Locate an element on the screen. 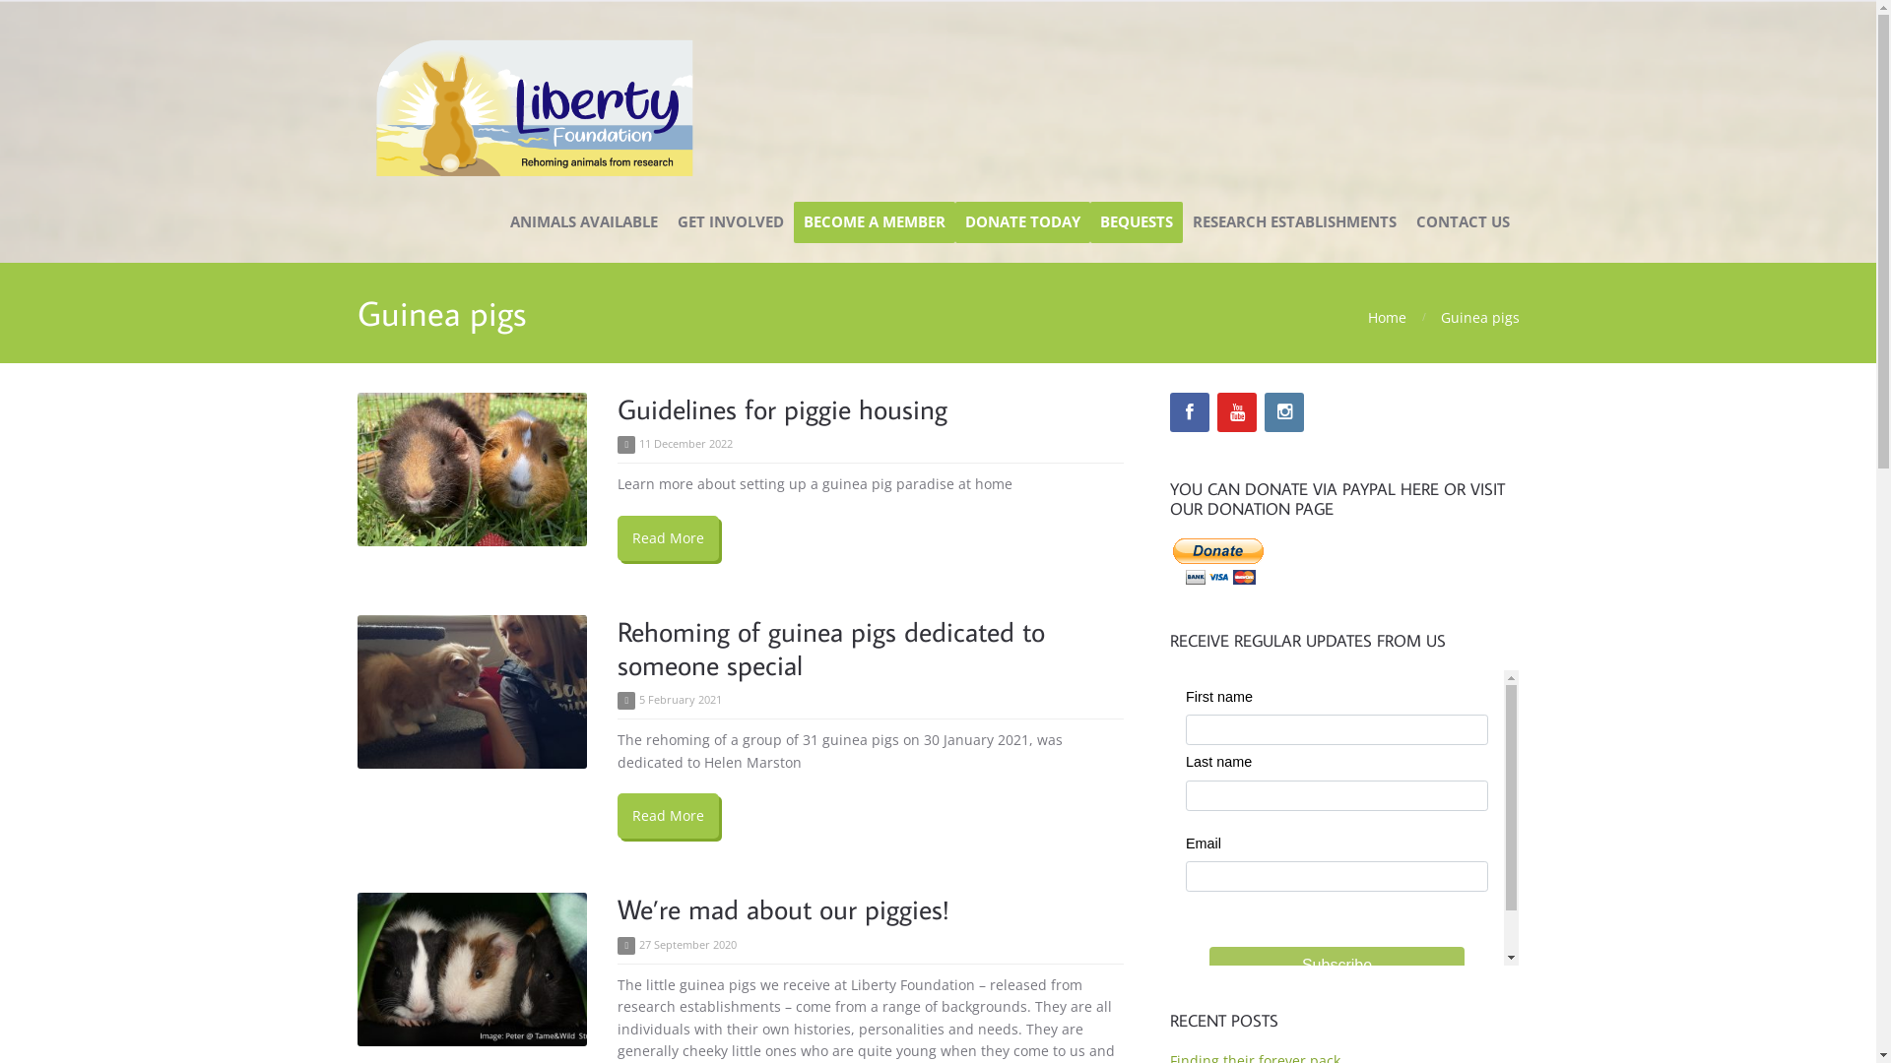 Image resolution: width=1891 pixels, height=1063 pixels. 'Home' is located at coordinates (1385, 316).